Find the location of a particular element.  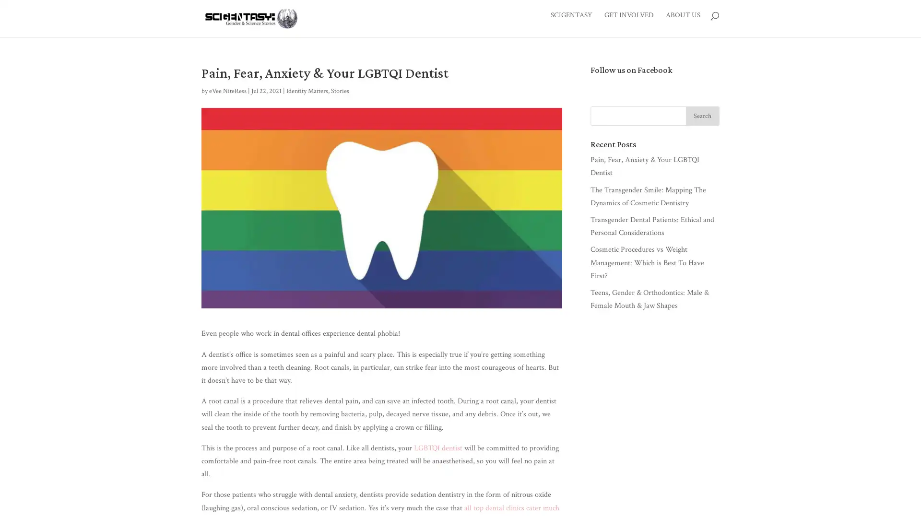

Search is located at coordinates (702, 118).